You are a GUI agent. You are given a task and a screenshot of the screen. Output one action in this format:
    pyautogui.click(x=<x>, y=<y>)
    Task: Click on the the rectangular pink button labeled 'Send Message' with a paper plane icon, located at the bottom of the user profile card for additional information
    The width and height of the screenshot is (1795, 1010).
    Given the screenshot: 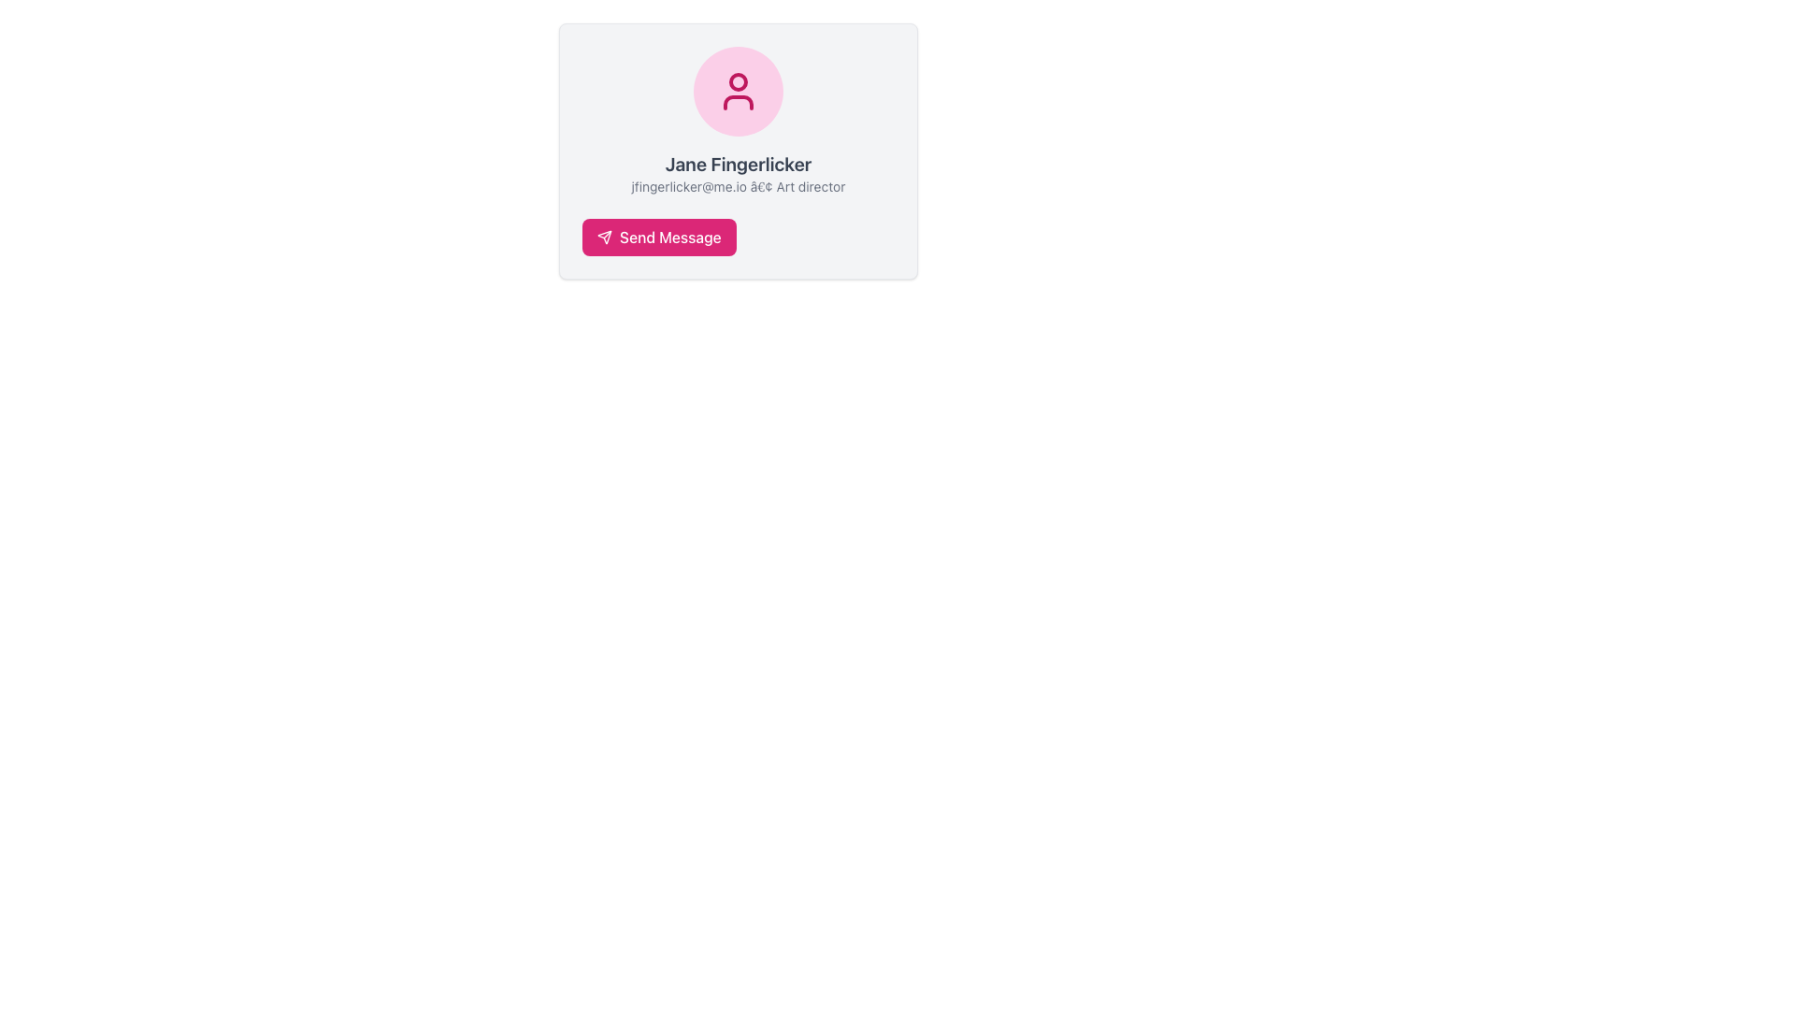 What is the action you would take?
    pyautogui.click(x=659, y=237)
    